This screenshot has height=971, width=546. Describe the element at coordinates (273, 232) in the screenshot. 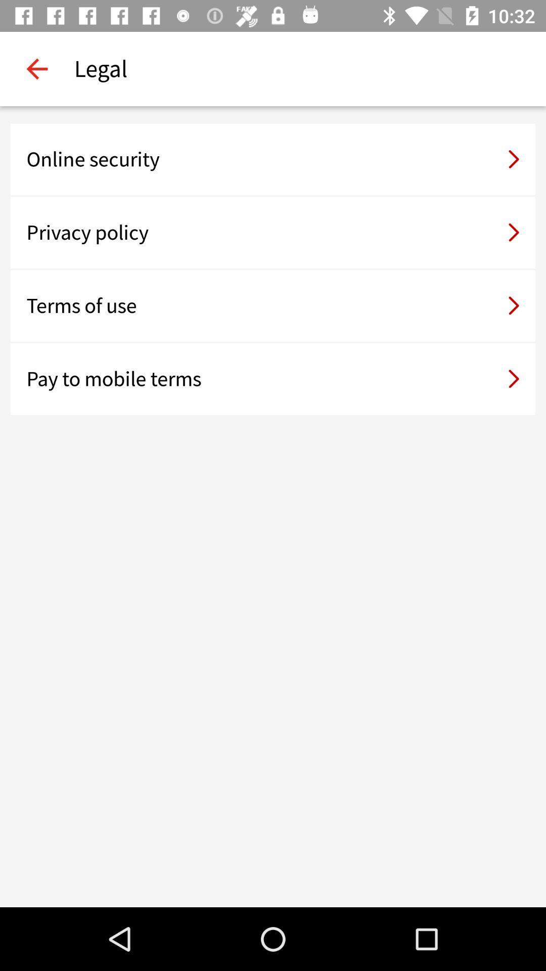

I see `the item below online security icon` at that location.